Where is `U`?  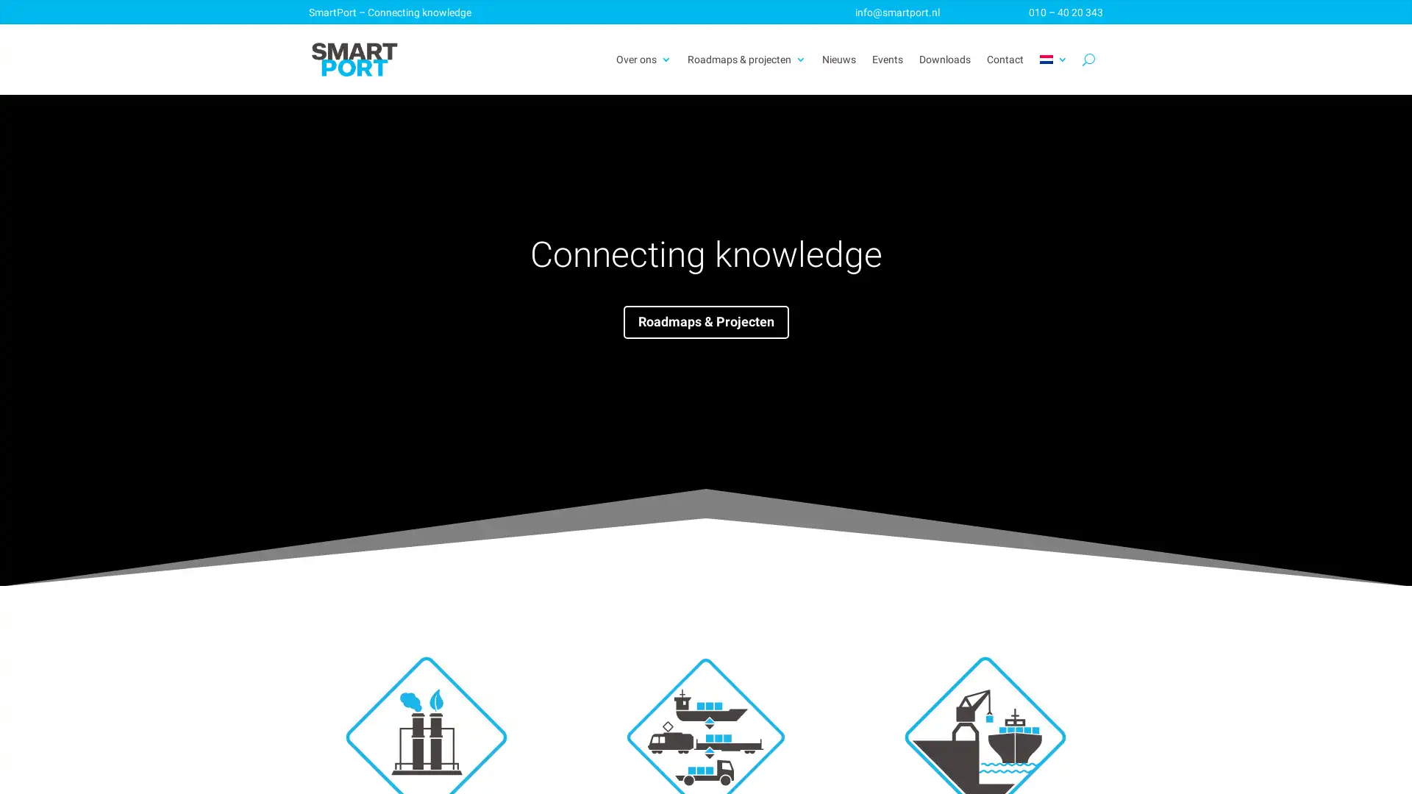 U is located at coordinates (1088, 59).